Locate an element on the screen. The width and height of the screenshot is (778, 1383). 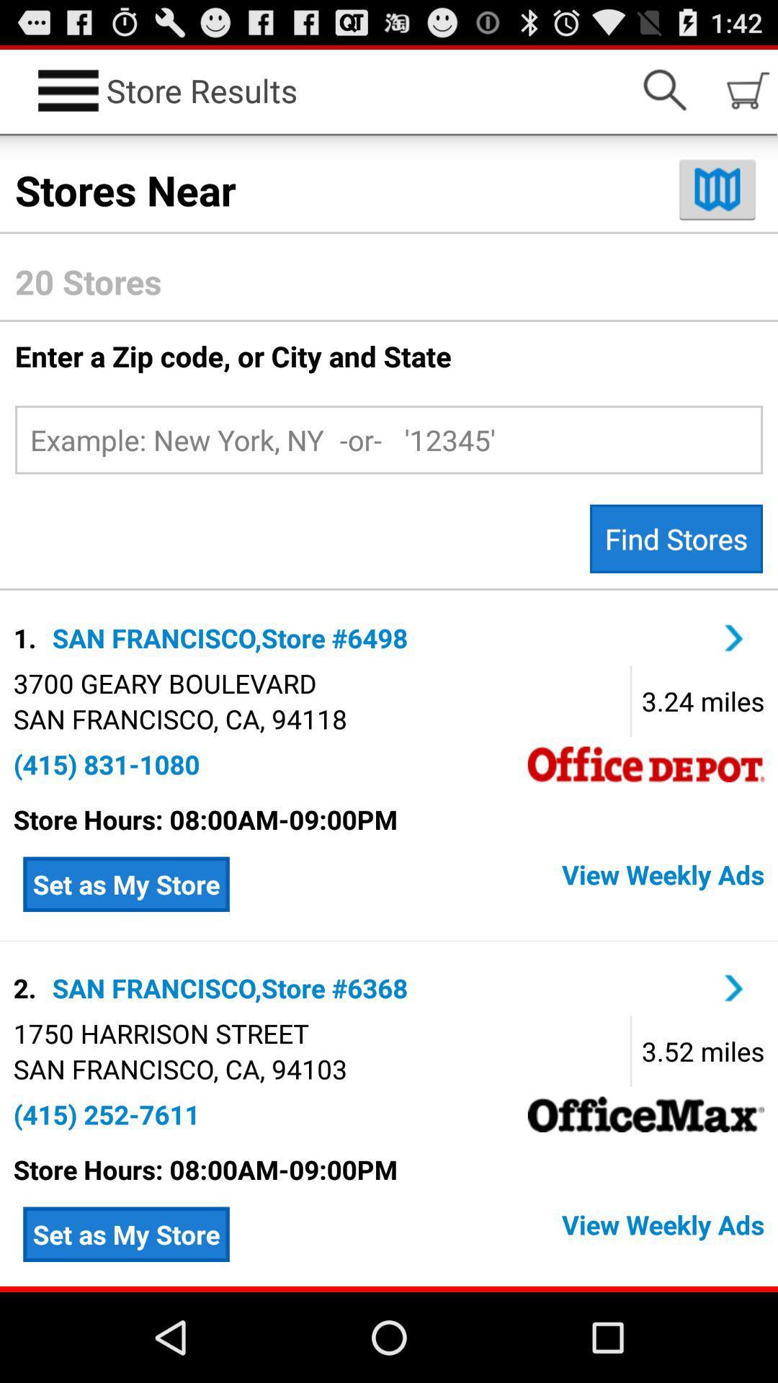
switch to map view is located at coordinates (717, 189).